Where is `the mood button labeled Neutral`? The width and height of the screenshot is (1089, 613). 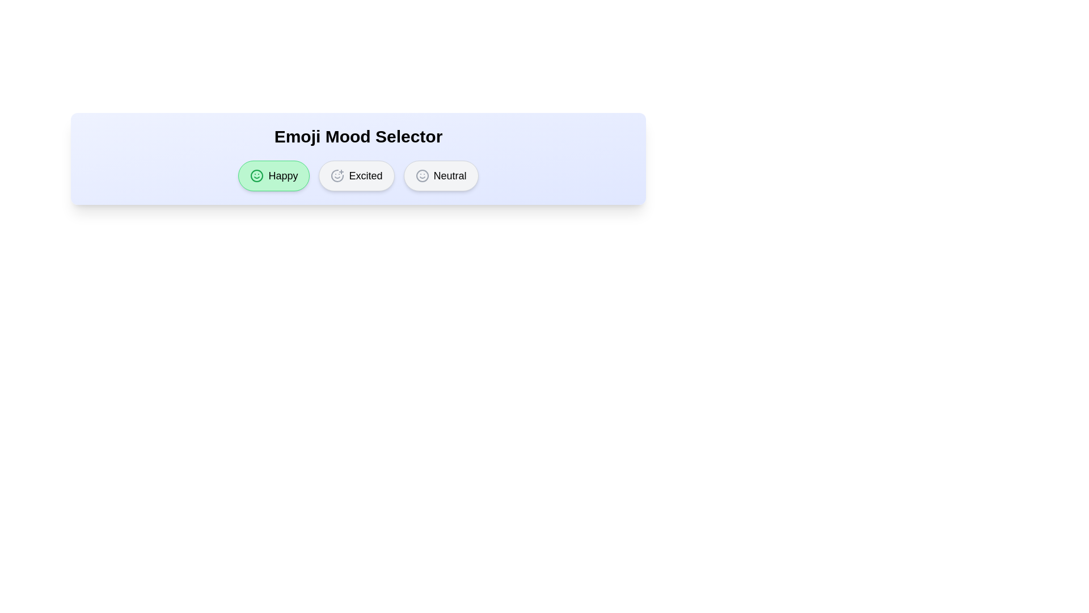
the mood button labeled Neutral is located at coordinates (440, 175).